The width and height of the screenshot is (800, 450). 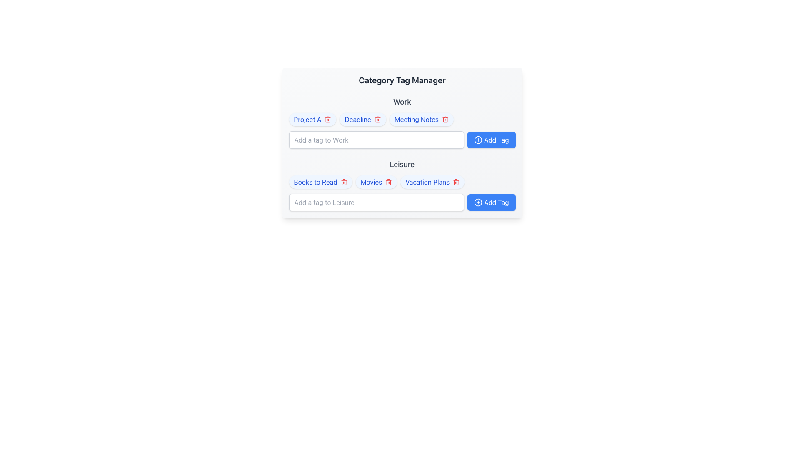 What do you see at coordinates (478, 139) in the screenshot?
I see `the icon representing the action of adding a tag, which is located to the left of the text on the 'Add Tag' button in the 'Work' category section` at bounding box center [478, 139].